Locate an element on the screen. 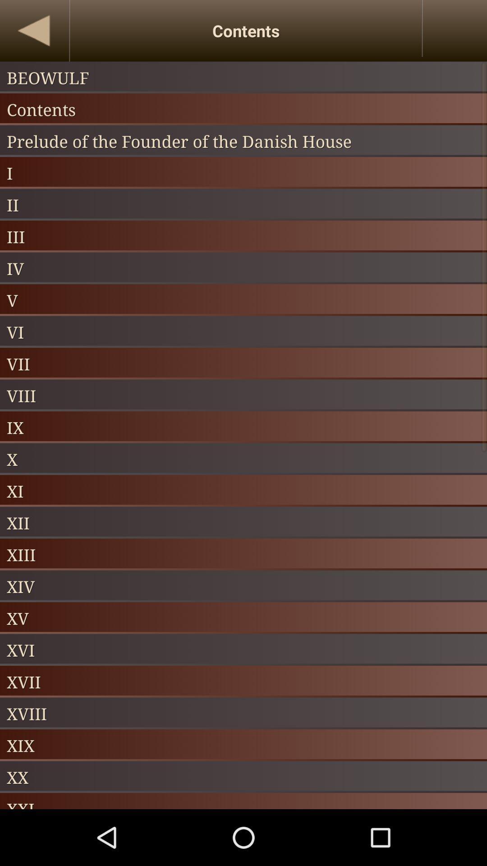  xv item is located at coordinates (243, 617).